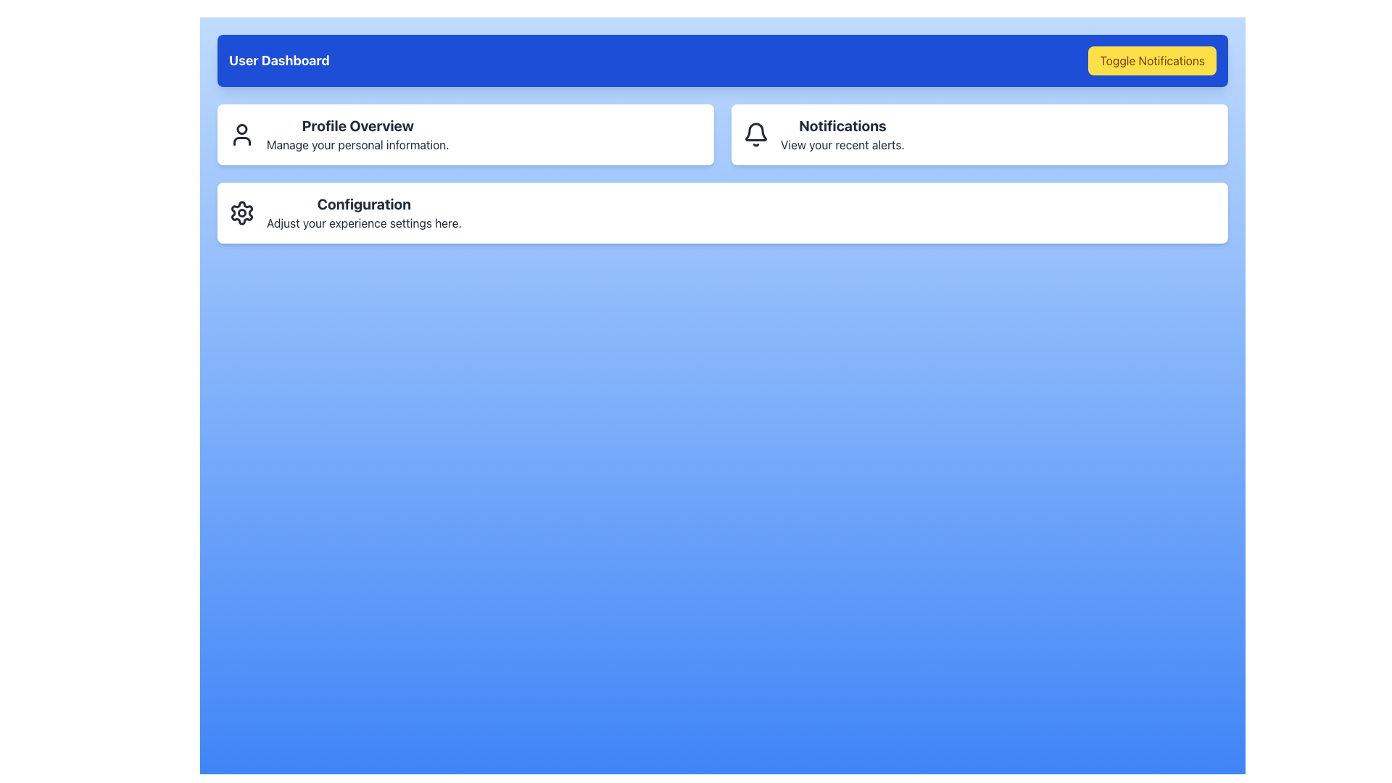  What do you see at coordinates (1151, 60) in the screenshot?
I see `the notification preferences toggle button located in the top-right corner of the blue header section labeled 'User Dashboard'` at bounding box center [1151, 60].